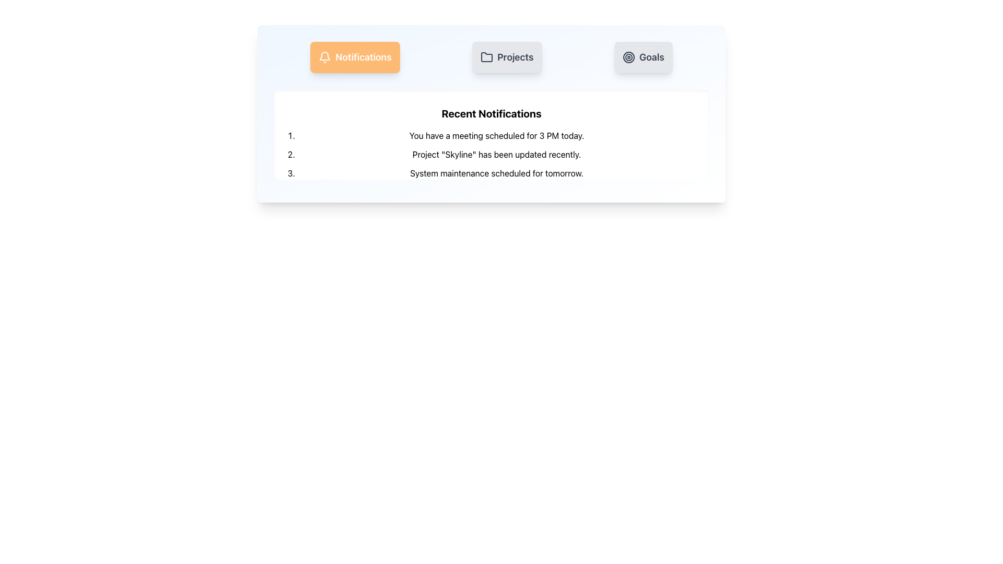  What do you see at coordinates (486, 57) in the screenshot?
I see `the folder icon with a minimalist outline located to the left of the text 'Projects'` at bounding box center [486, 57].